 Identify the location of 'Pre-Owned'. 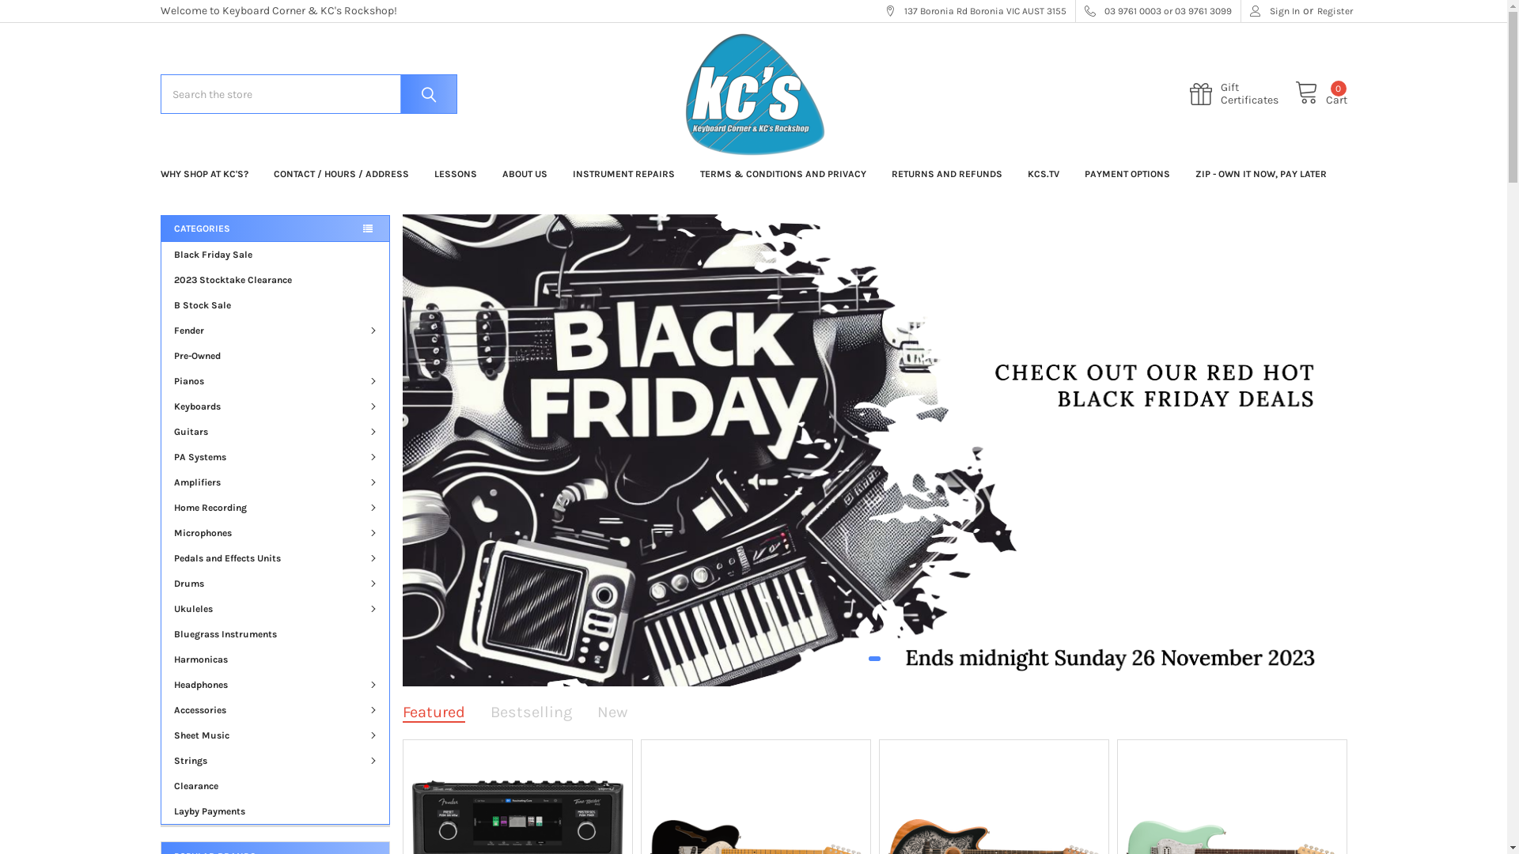
(275, 356).